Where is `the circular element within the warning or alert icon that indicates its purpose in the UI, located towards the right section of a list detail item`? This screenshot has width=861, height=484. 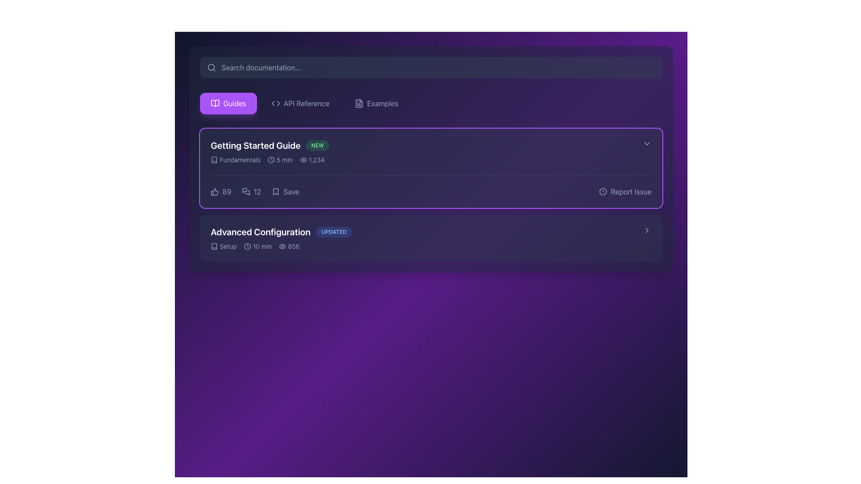
the circular element within the warning or alert icon that indicates its purpose in the UI, located towards the right section of a list detail item is located at coordinates (603, 191).